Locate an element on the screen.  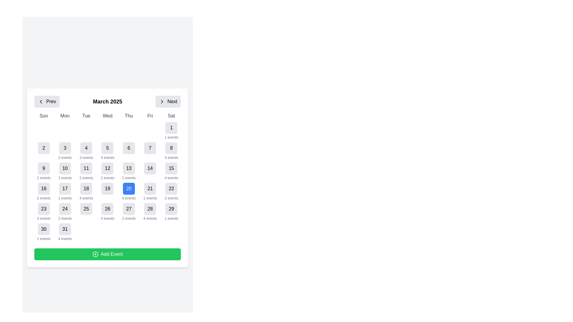
the square button labeled '16' with a light gray background is located at coordinates (43, 188).